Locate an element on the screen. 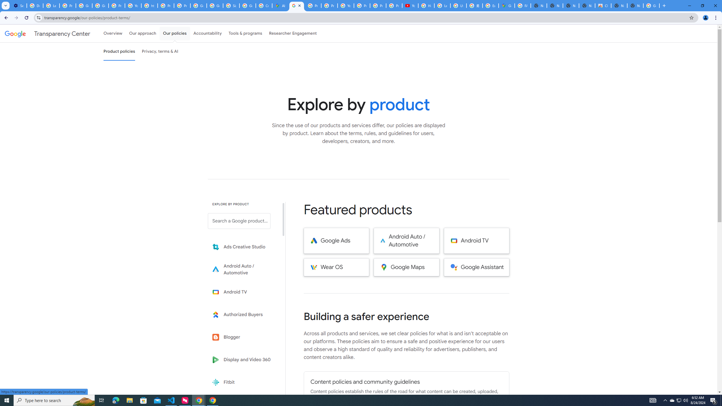 The image size is (722, 406). 'Learn more about Authorized Buyers' is located at coordinates (243, 314).